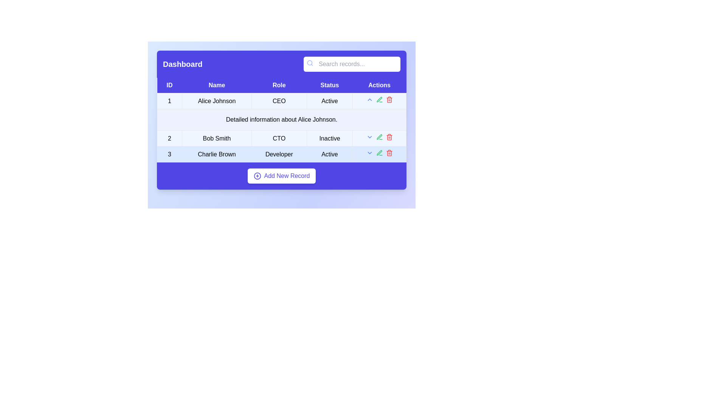 Image resolution: width=726 pixels, height=408 pixels. Describe the element at coordinates (216, 100) in the screenshot. I see `text label displaying 'Alice Johnson' located in the second column of the first row under the 'Name' header` at that location.